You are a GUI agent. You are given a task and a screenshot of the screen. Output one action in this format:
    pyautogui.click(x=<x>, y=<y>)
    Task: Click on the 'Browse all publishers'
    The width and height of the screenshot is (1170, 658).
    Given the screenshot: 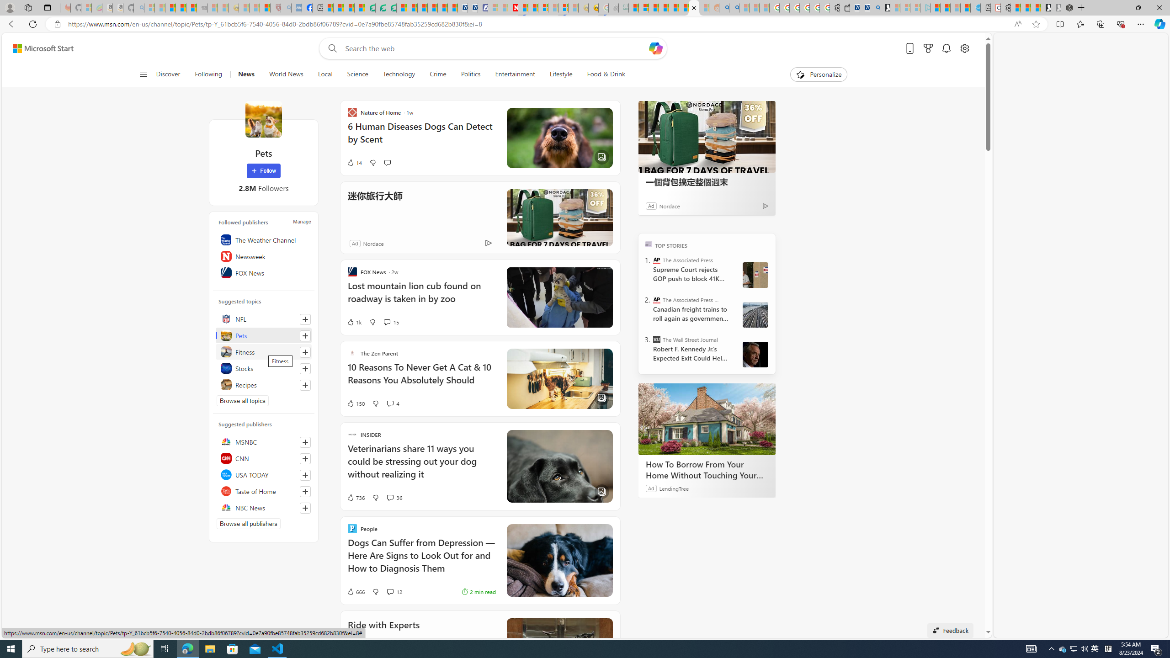 What is the action you would take?
    pyautogui.click(x=248, y=523)
    